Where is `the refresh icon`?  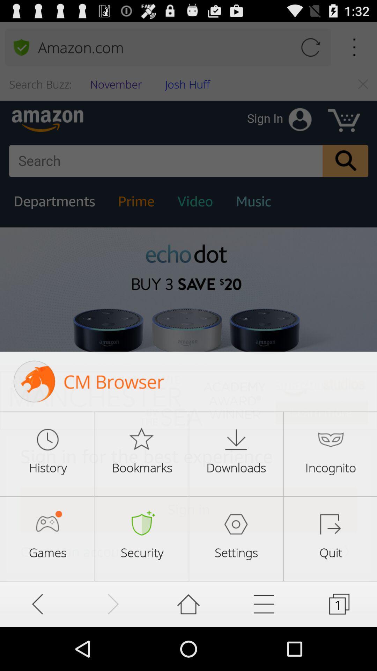
the refresh icon is located at coordinates (310, 50).